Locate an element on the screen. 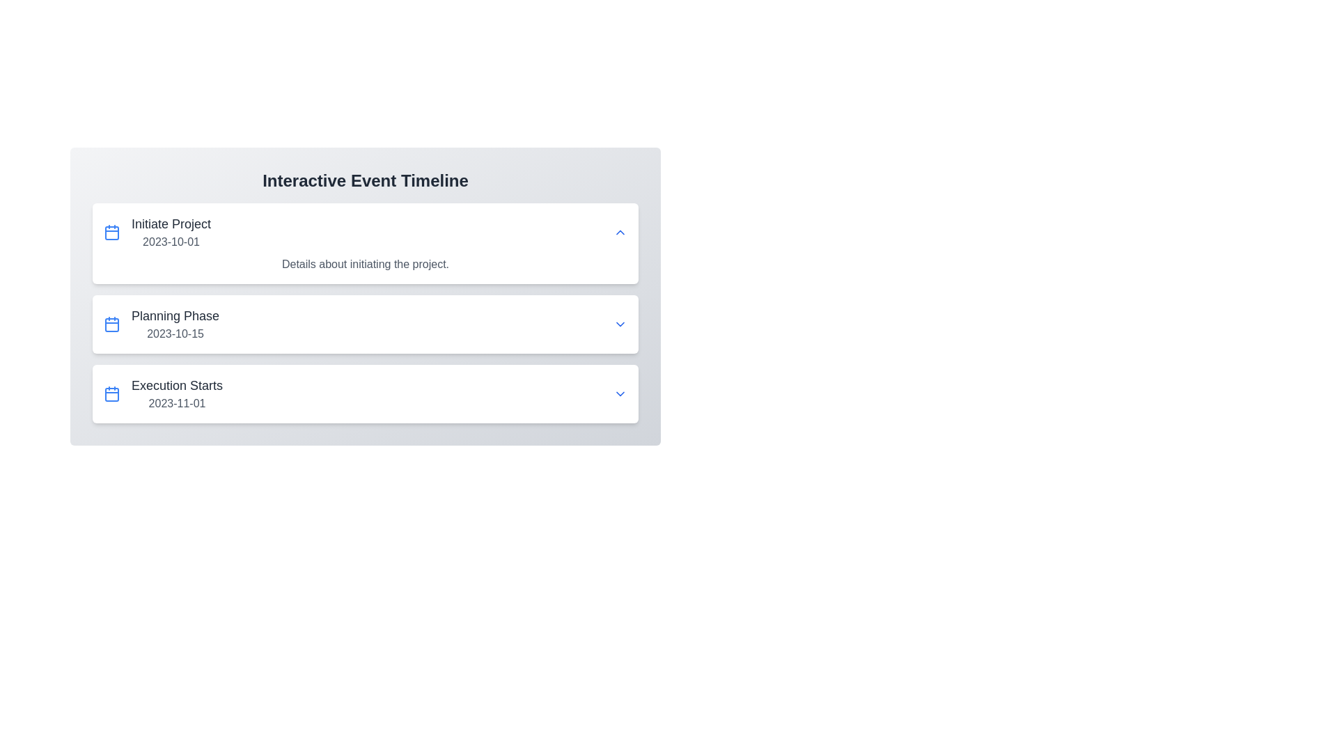  the Dropdown Toggle Button that reveals or collapses additional details related to the 'Planning Phase' is located at coordinates (620, 324).